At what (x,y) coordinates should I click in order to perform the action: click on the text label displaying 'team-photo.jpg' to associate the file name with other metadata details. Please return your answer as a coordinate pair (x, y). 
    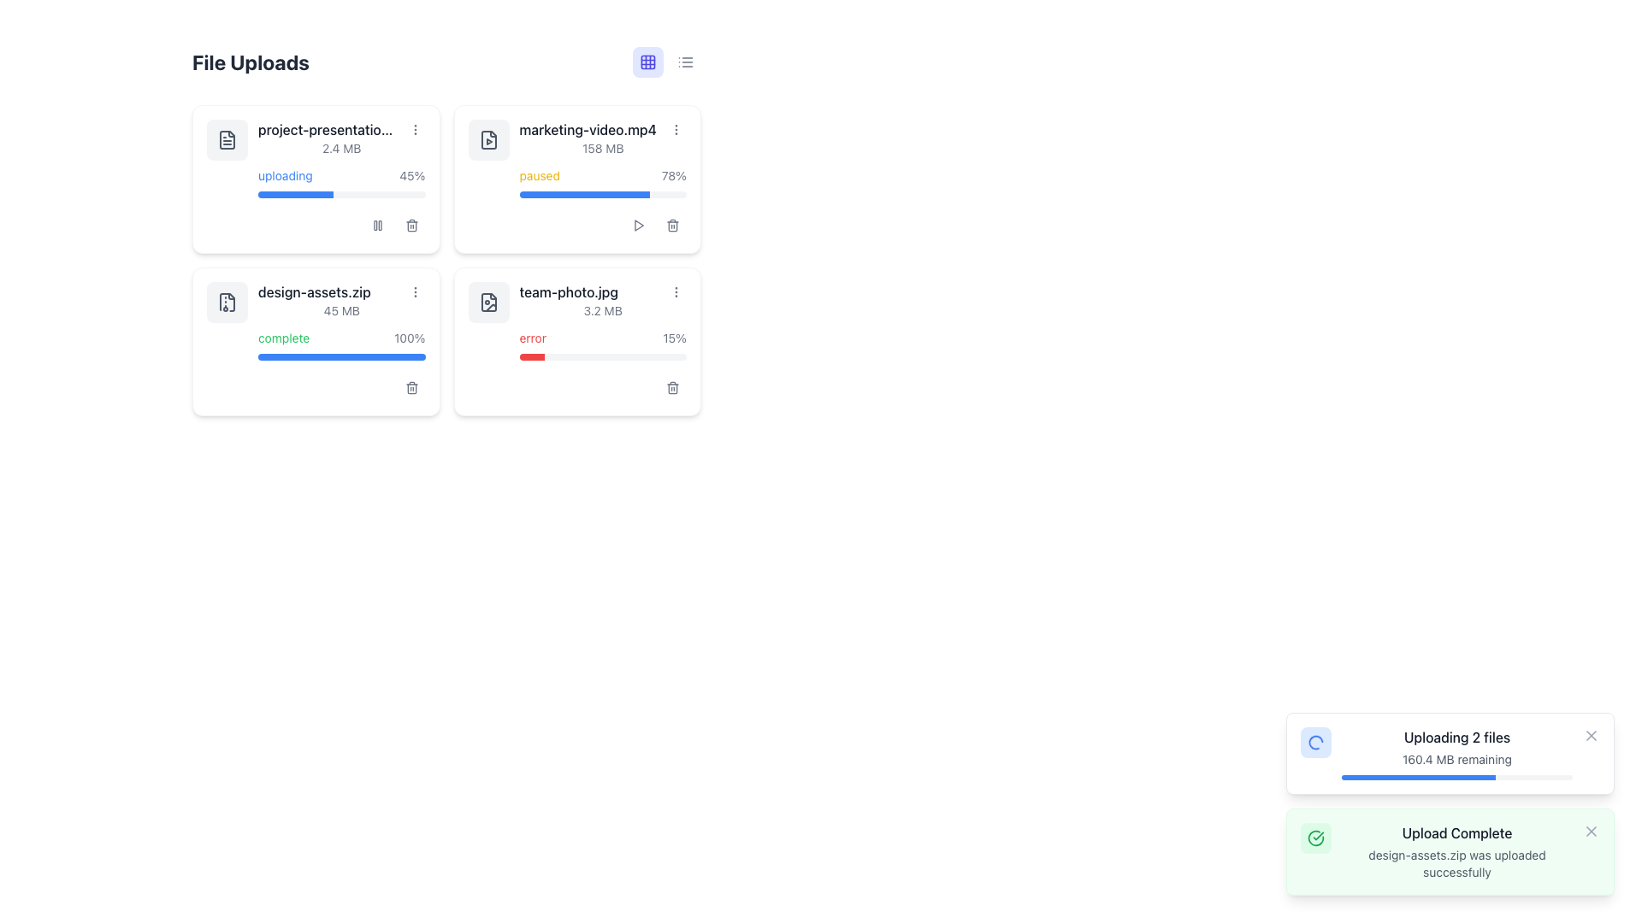
    Looking at the image, I should click on (603, 291).